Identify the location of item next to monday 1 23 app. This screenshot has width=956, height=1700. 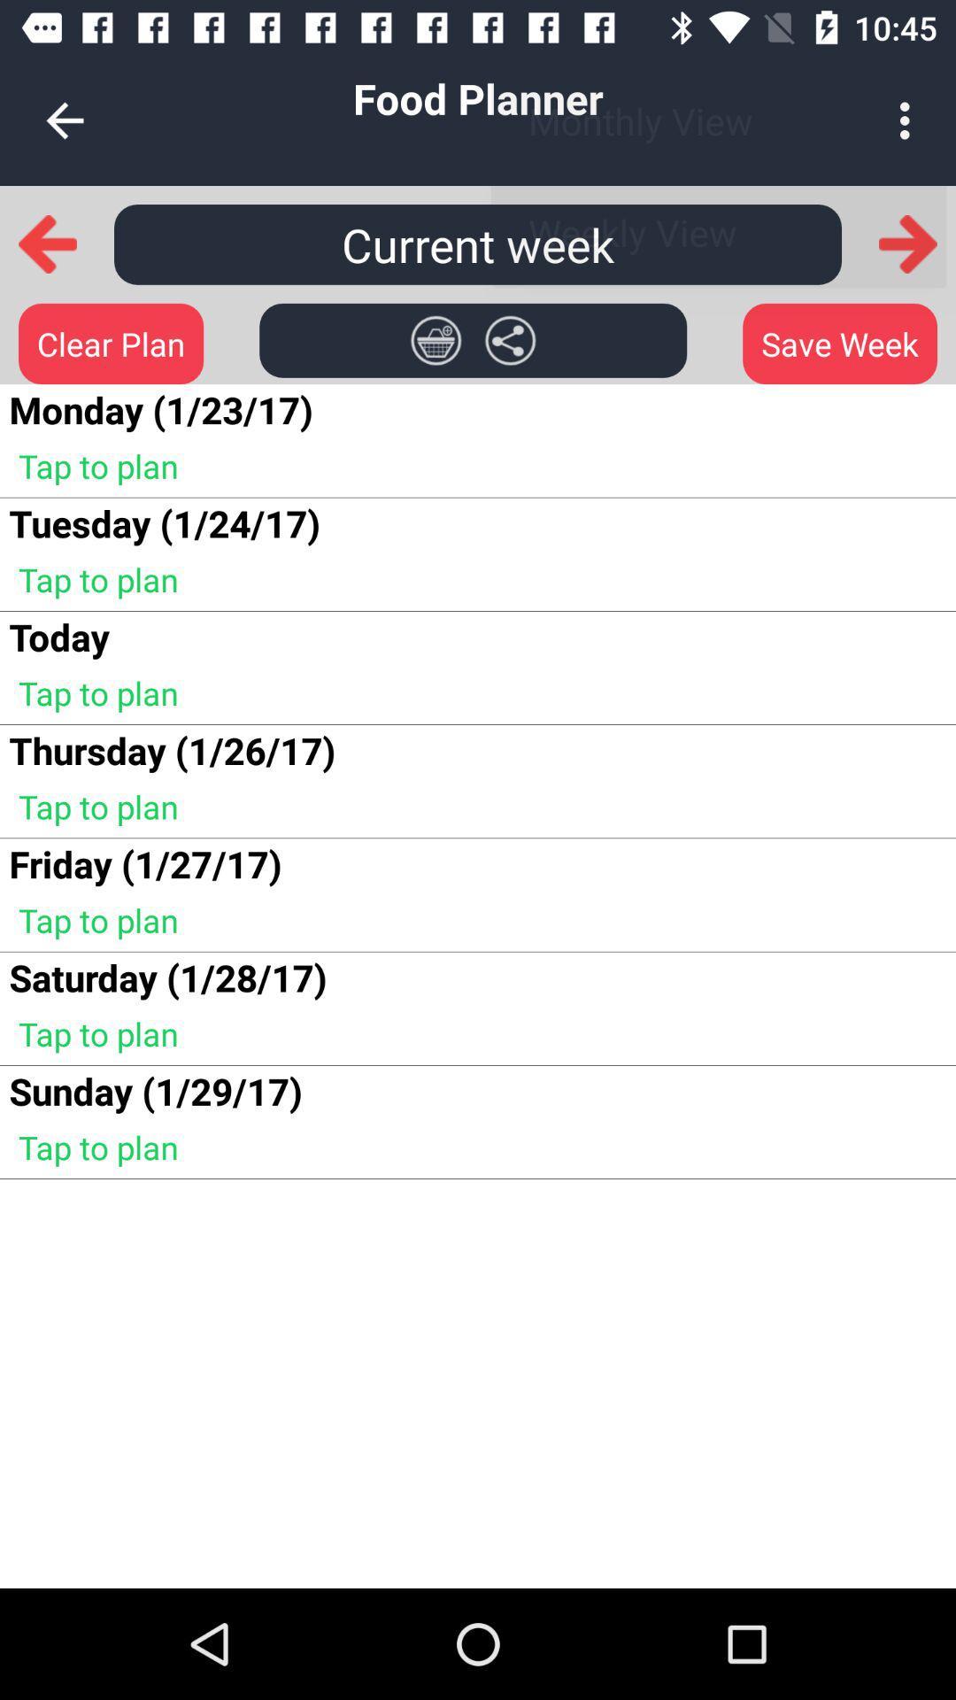
(436, 340).